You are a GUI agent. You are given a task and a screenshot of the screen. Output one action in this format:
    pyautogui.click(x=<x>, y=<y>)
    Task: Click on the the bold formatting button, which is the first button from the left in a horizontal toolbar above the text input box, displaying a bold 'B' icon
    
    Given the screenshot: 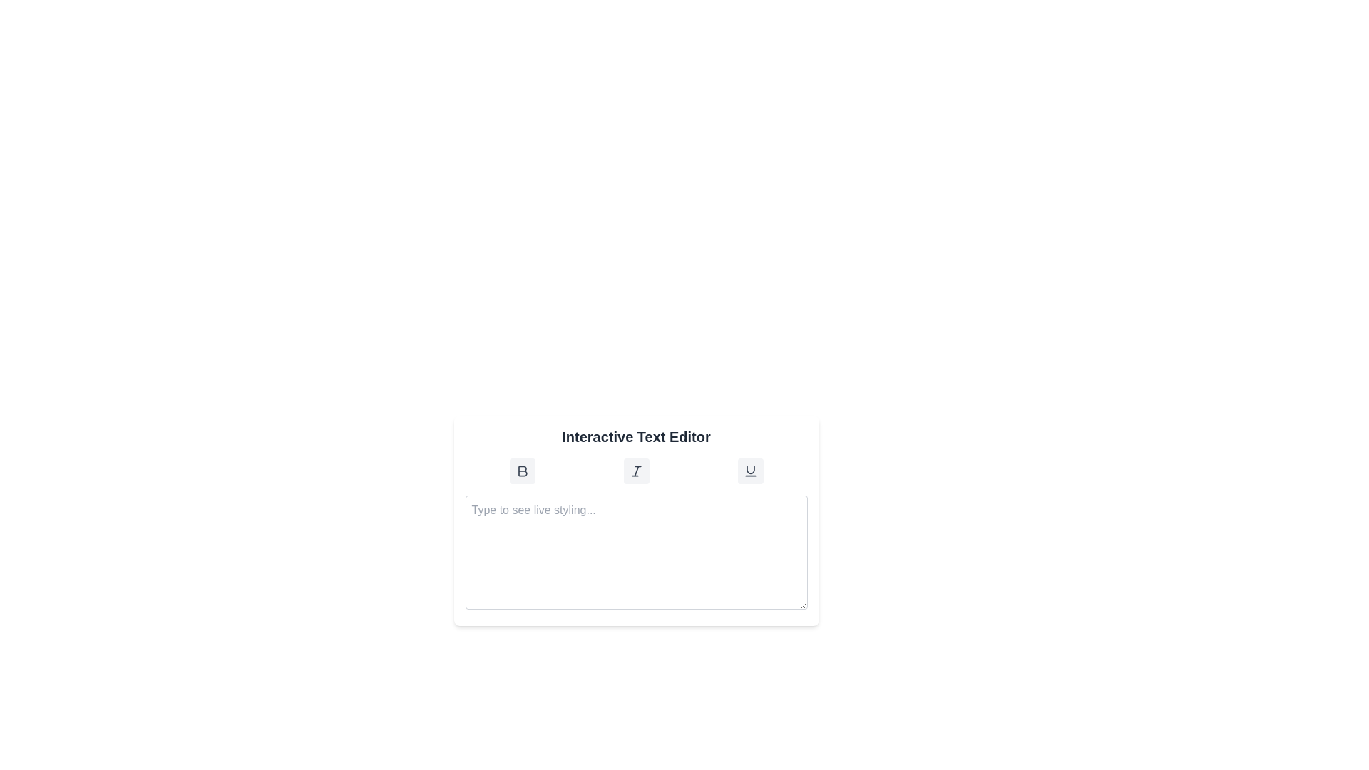 What is the action you would take?
    pyautogui.click(x=521, y=471)
    